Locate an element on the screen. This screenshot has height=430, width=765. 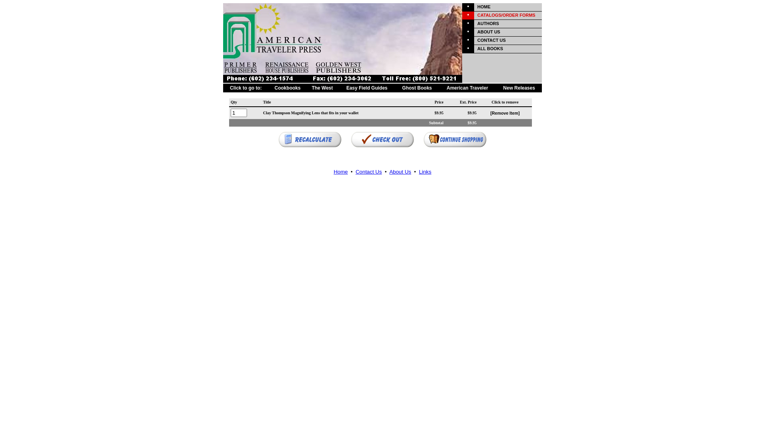
'New Releases' is located at coordinates (519, 88).